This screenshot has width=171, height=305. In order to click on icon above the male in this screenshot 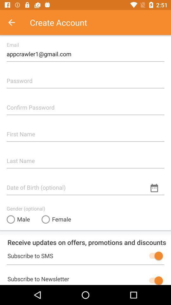, I will do `click(25, 208)`.